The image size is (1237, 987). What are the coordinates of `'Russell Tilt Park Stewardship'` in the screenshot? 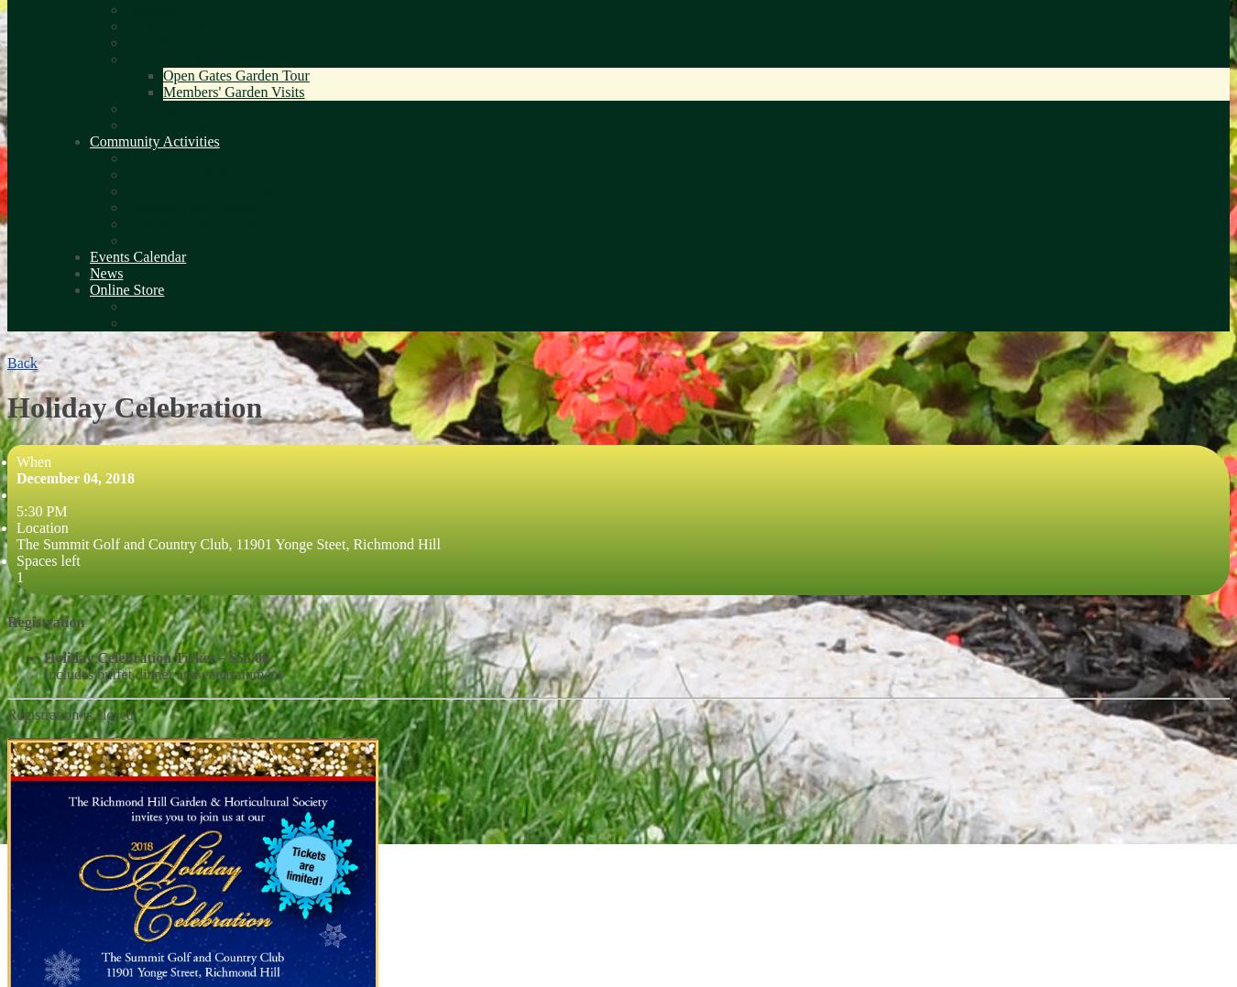 It's located at (212, 222).